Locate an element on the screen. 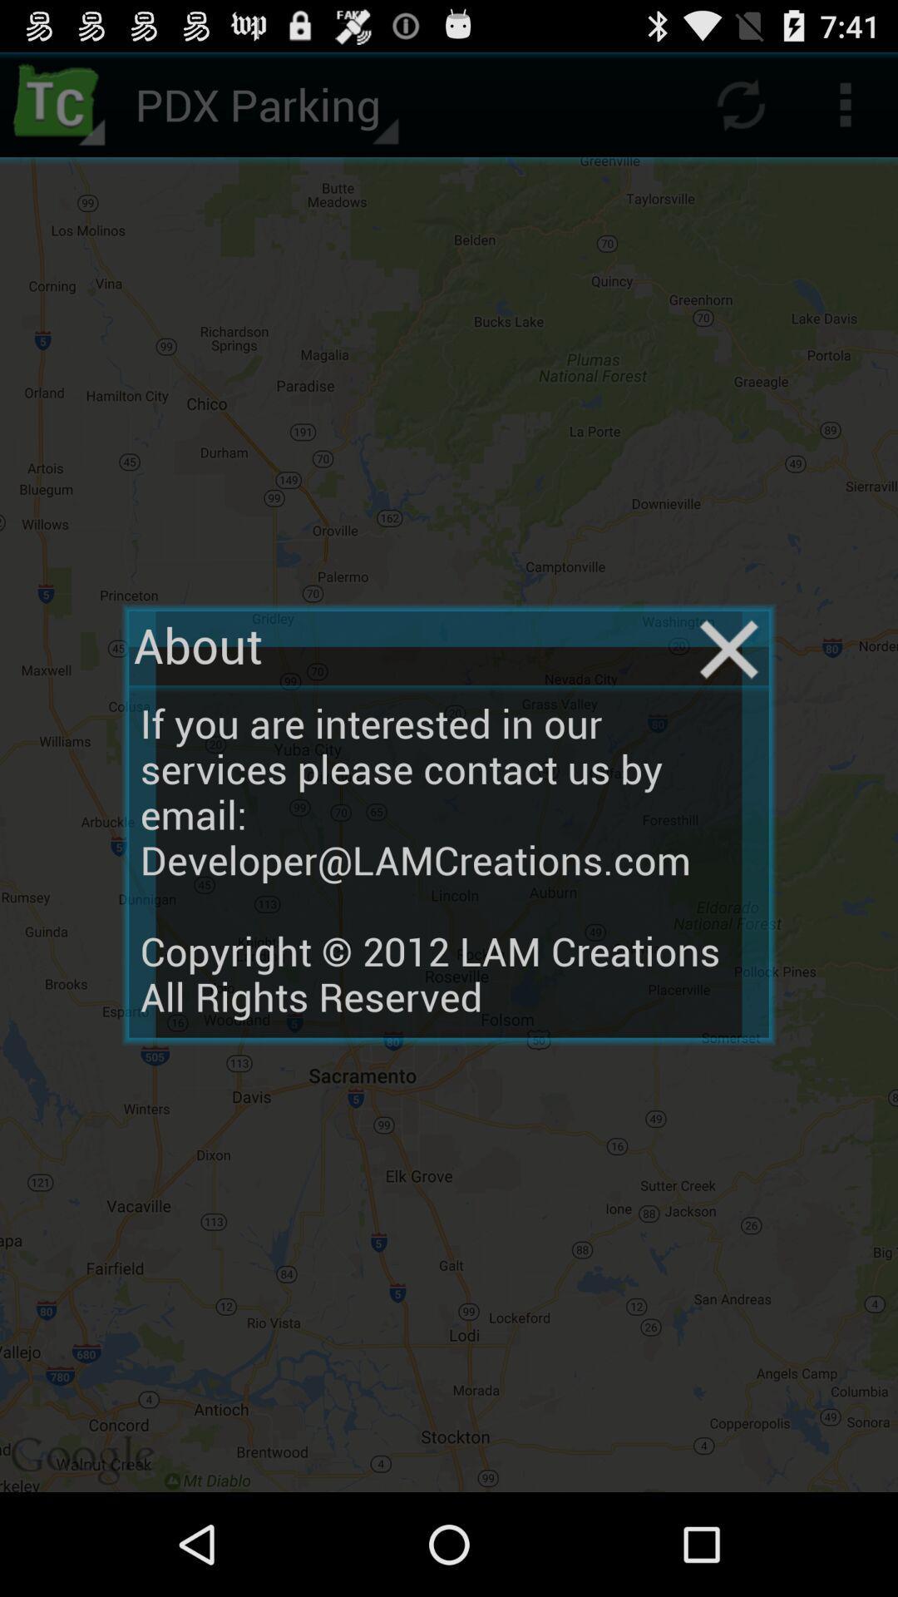  the more icon is located at coordinates (846, 111).